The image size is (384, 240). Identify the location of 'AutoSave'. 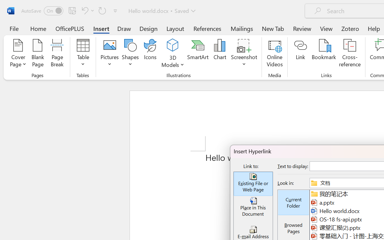
(42, 10).